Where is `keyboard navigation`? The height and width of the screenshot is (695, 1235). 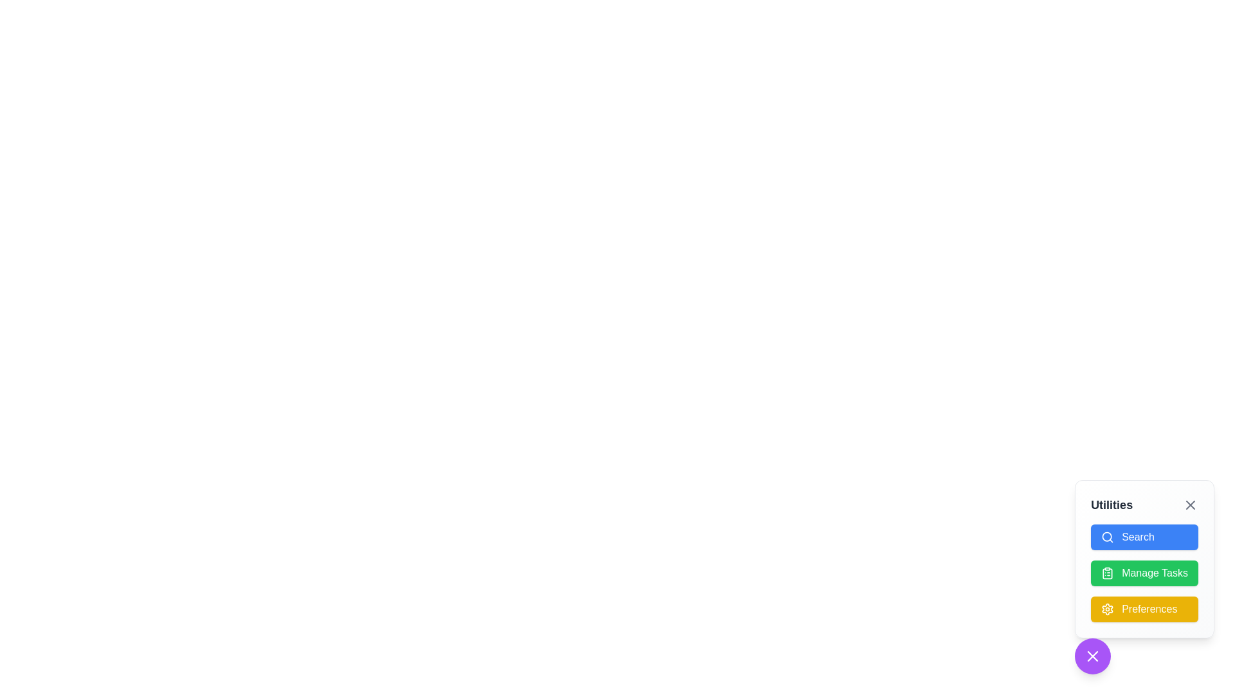
keyboard navigation is located at coordinates (1144, 573).